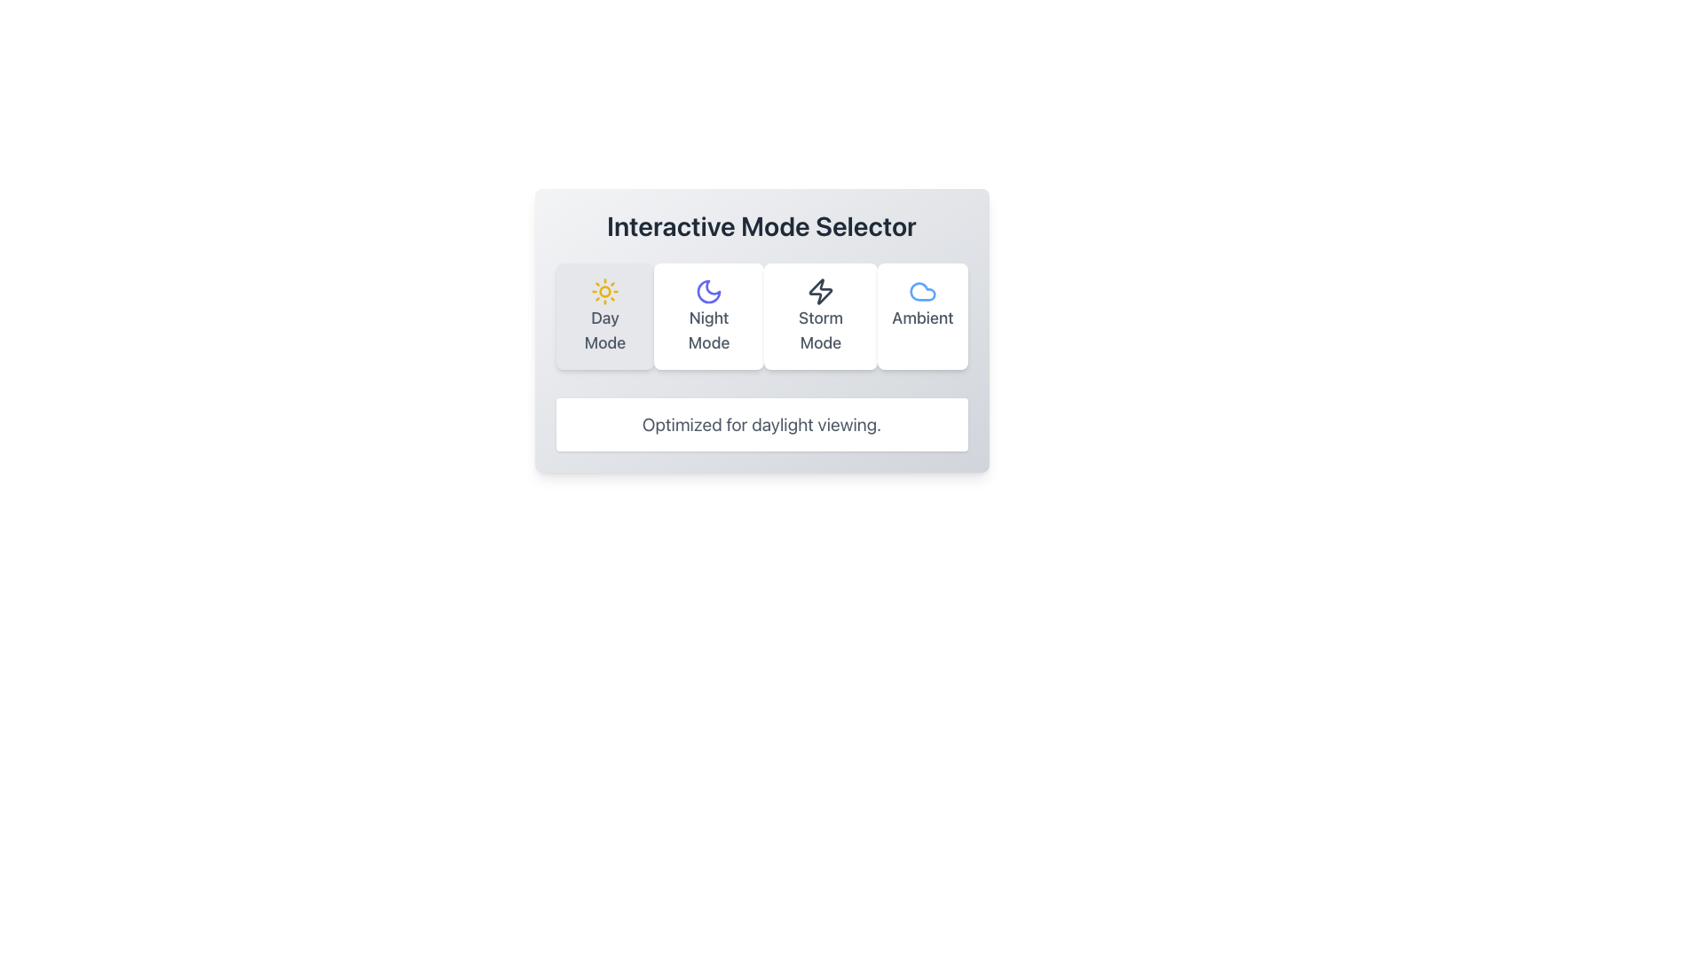  What do you see at coordinates (820, 331) in the screenshot?
I see `the 'Storm Mode' text label, which is part of the mode selector in the 'Interactive Mode Selector' interface, located below a lightning bolt icon` at bounding box center [820, 331].